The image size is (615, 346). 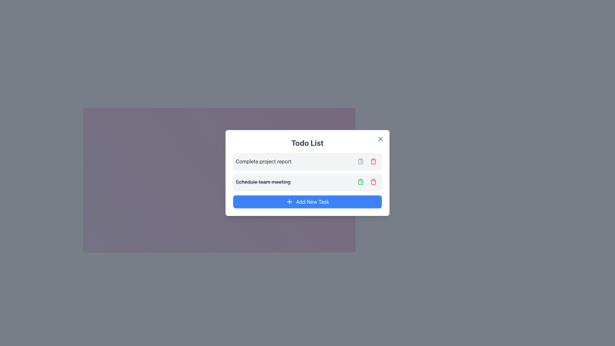 What do you see at coordinates (373, 182) in the screenshot?
I see `the red circular trash bin icon located at the far right of the 'Schedule team meeting' line item in the todo list` at bounding box center [373, 182].